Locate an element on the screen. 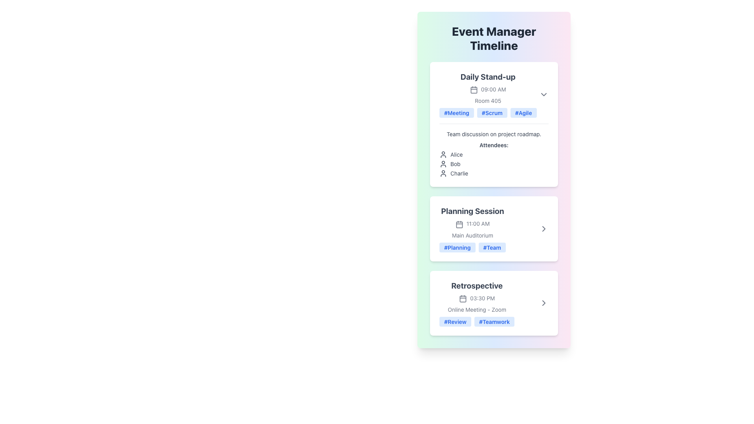  text label that contains 'Team discussion on project roadmap.' located within the 'Daily Stand-up' card, positioned below the tags and above the 'Attendees:' label is located at coordinates (493, 134).